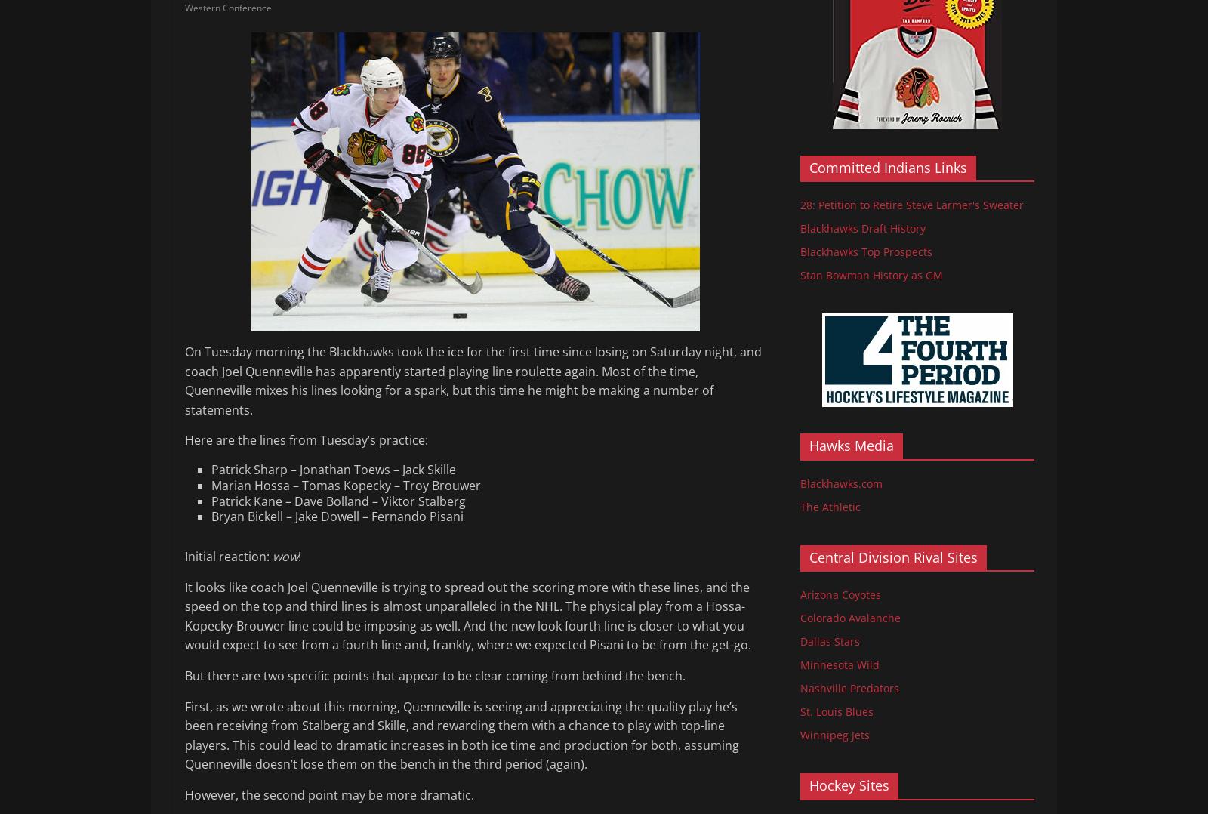  I want to click on '!', so click(299, 557).